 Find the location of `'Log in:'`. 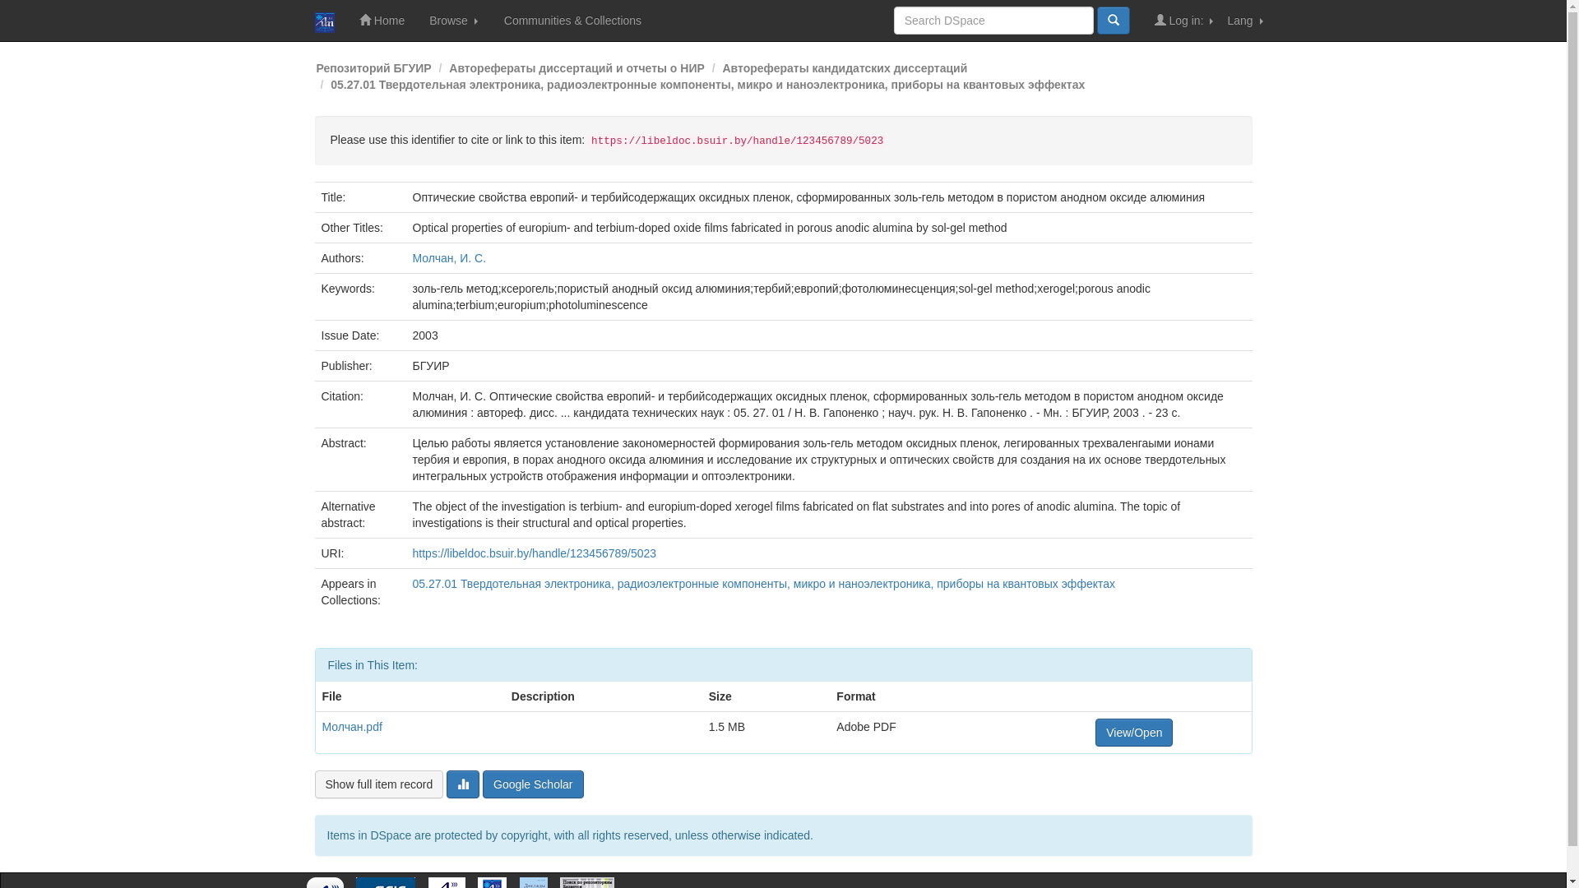

'Log in:' is located at coordinates (1184, 20).